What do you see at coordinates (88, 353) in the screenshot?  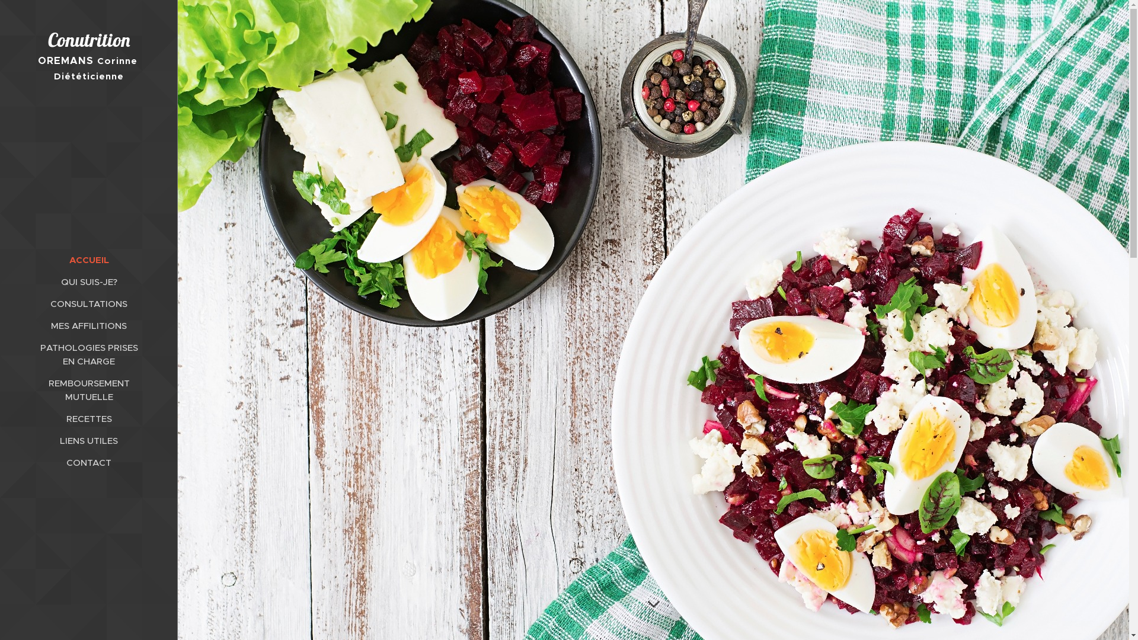 I see `'PATHOLOGIES PRISES EN CHARGE'` at bounding box center [88, 353].